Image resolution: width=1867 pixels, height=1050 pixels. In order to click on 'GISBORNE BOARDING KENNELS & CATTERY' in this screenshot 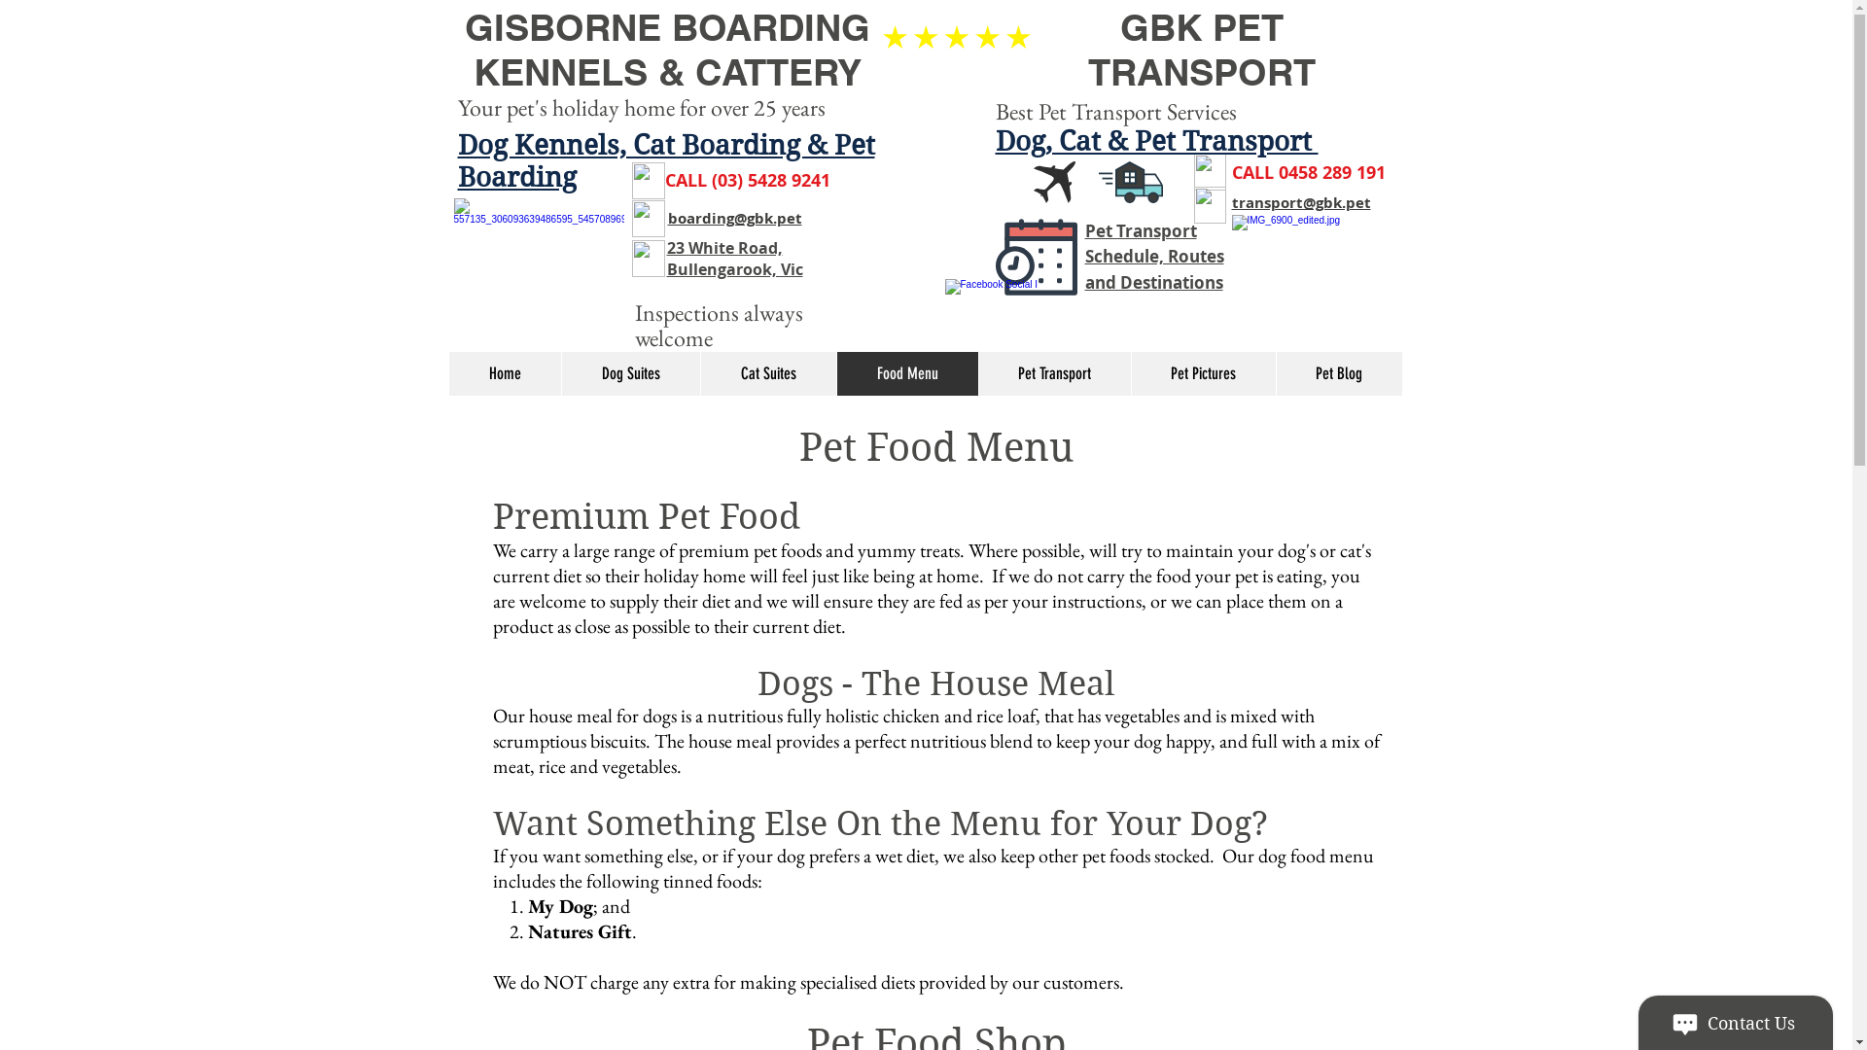, I will do `click(667, 48)`.